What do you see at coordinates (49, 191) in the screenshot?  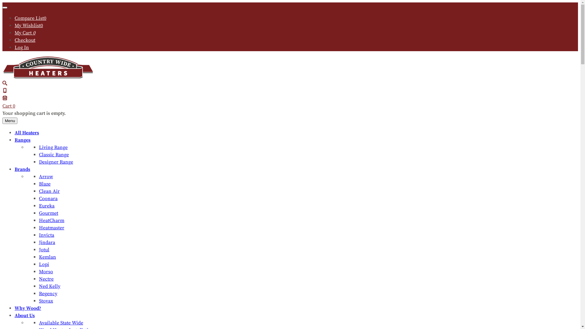 I see `'Clean Air'` at bounding box center [49, 191].